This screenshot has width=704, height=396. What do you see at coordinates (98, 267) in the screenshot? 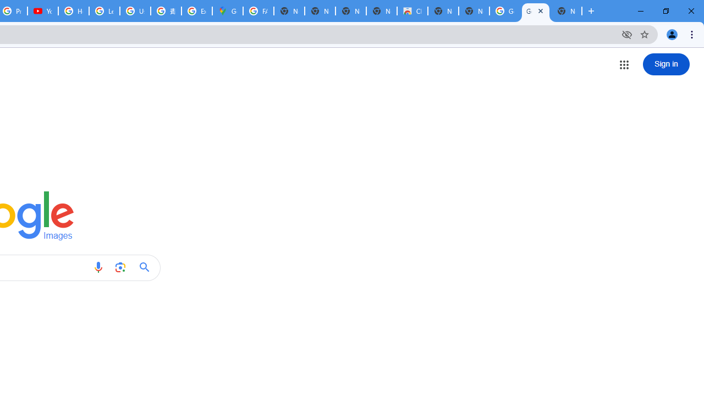
I see `'Search by voice'` at bounding box center [98, 267].